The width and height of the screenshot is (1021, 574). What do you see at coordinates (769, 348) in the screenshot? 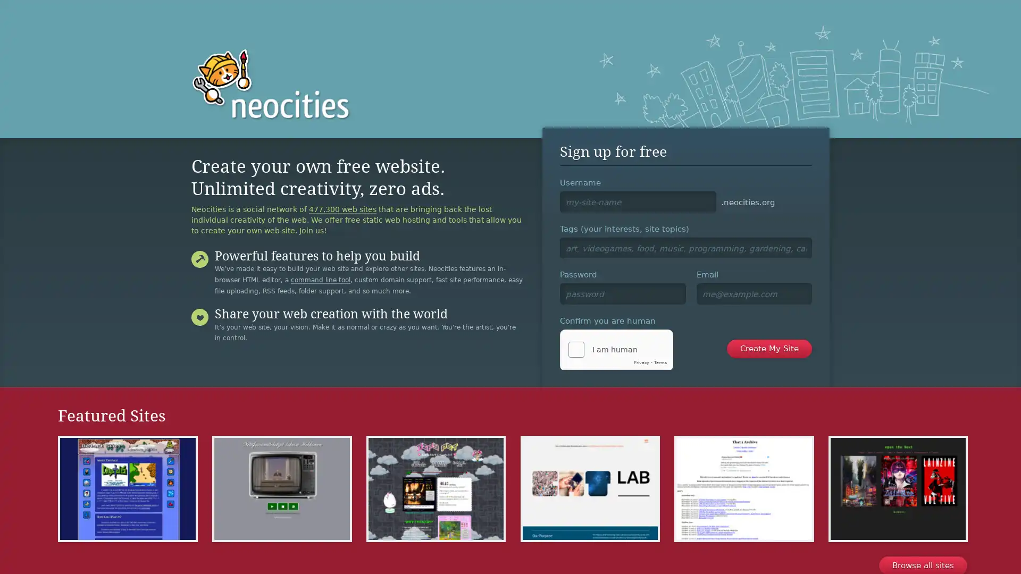
I see `Create My Site` at bounding box center [769, 348].